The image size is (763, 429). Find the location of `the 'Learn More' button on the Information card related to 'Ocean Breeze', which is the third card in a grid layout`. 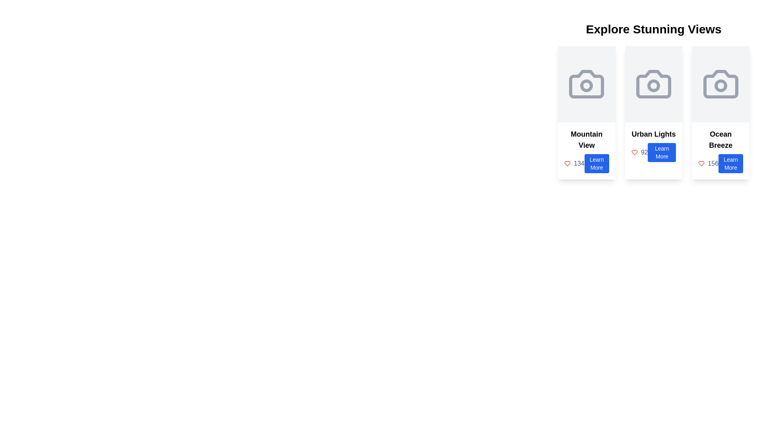

the 'Learn More' button on the Information card related to 'Ocean Breeze', which is the third card in a grid layout is located at coordinates (720, 113).